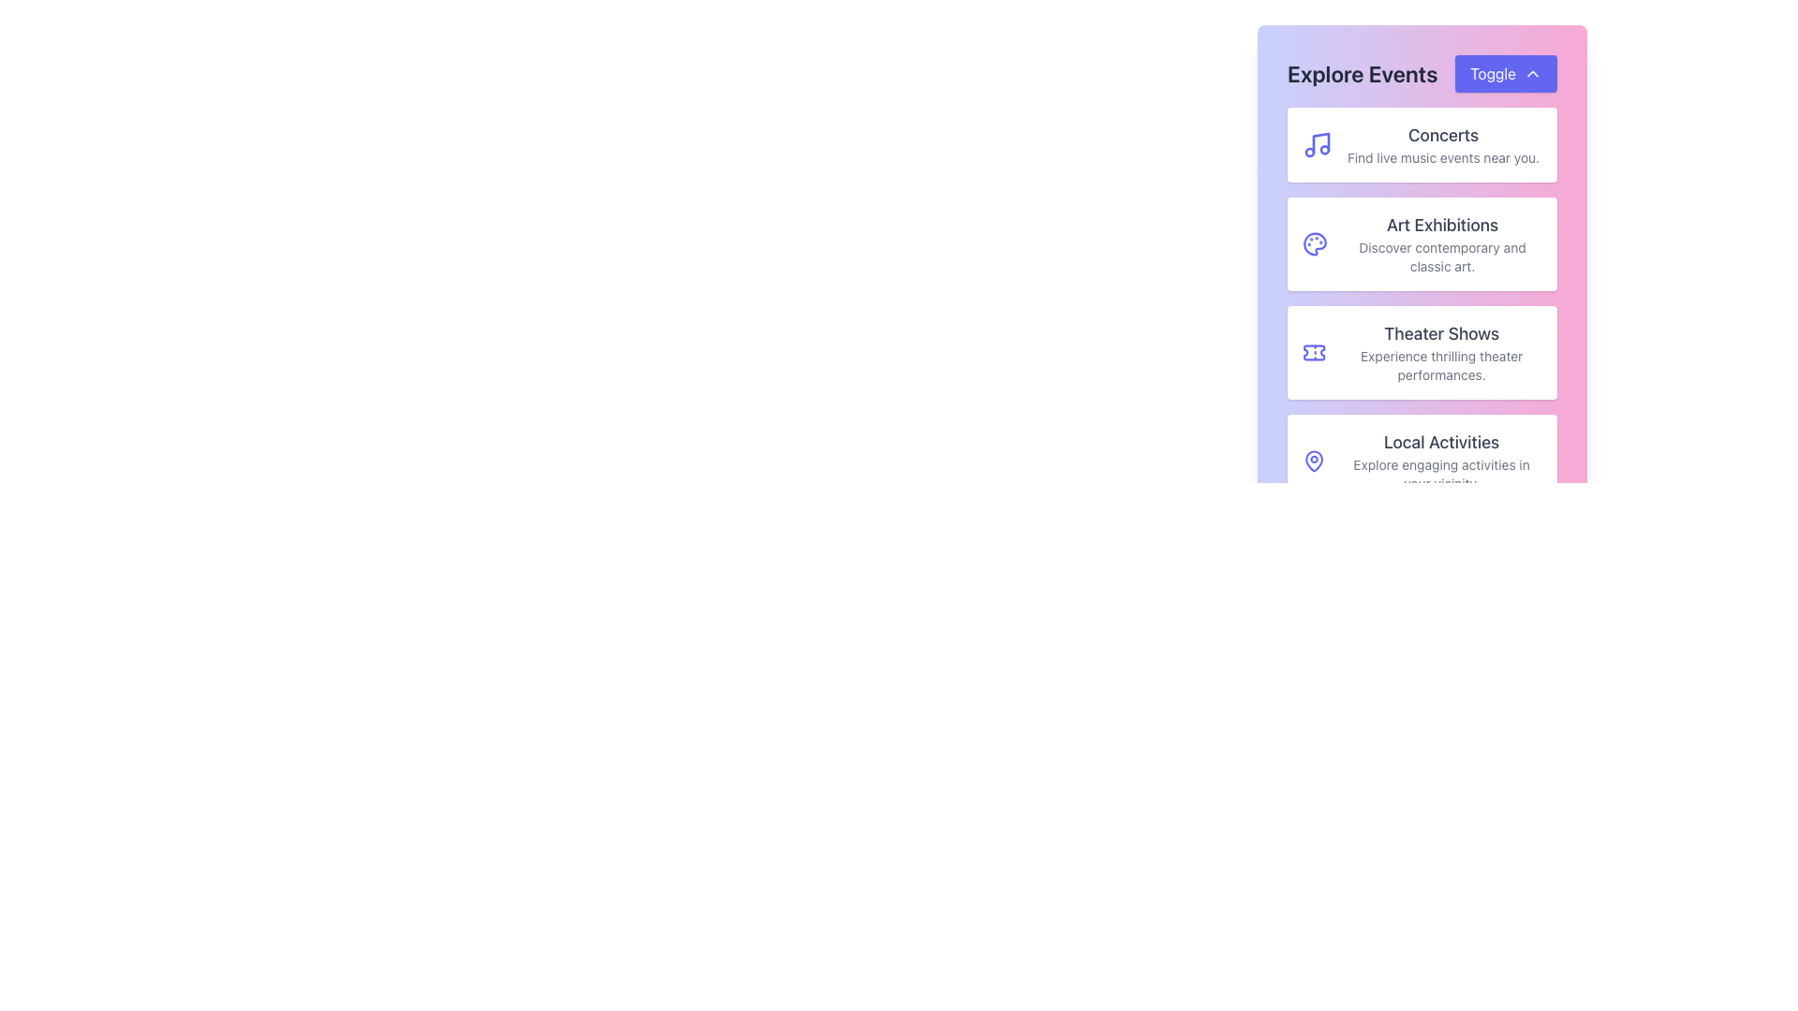 The height and width of the screenshot is (1011, 1798). I want to click on the 'Events' text label, which serves as the title for the section indicating the content related to events, so click(1363, 72).